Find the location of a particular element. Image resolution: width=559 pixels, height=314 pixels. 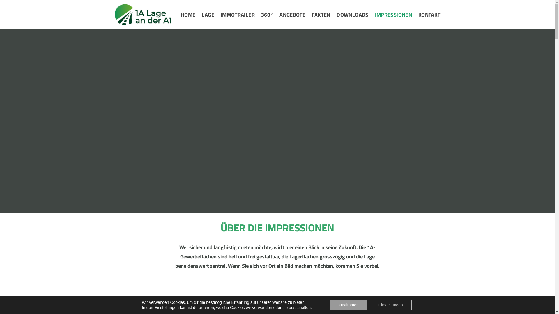

'LAGE' is located at coordinates (208, 14).